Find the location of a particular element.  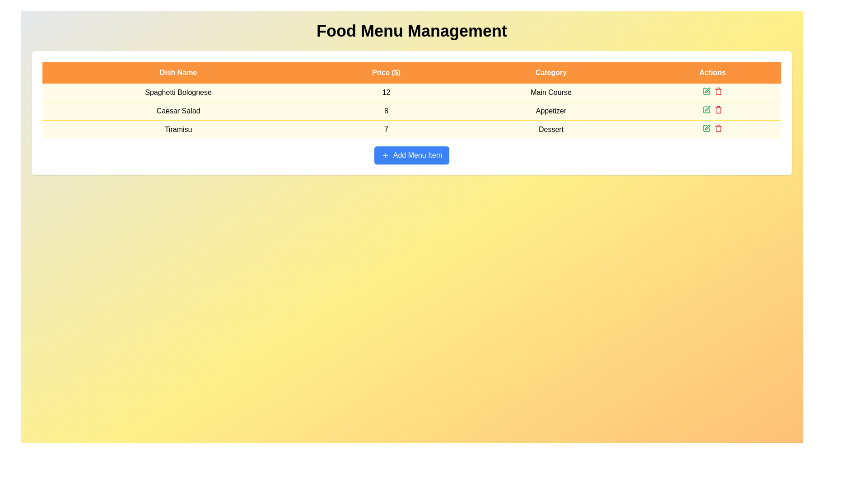

the 'Category' column header in the table, which is located between 'Price ($)' and 'Actions' is located at coordinates (550, 72).